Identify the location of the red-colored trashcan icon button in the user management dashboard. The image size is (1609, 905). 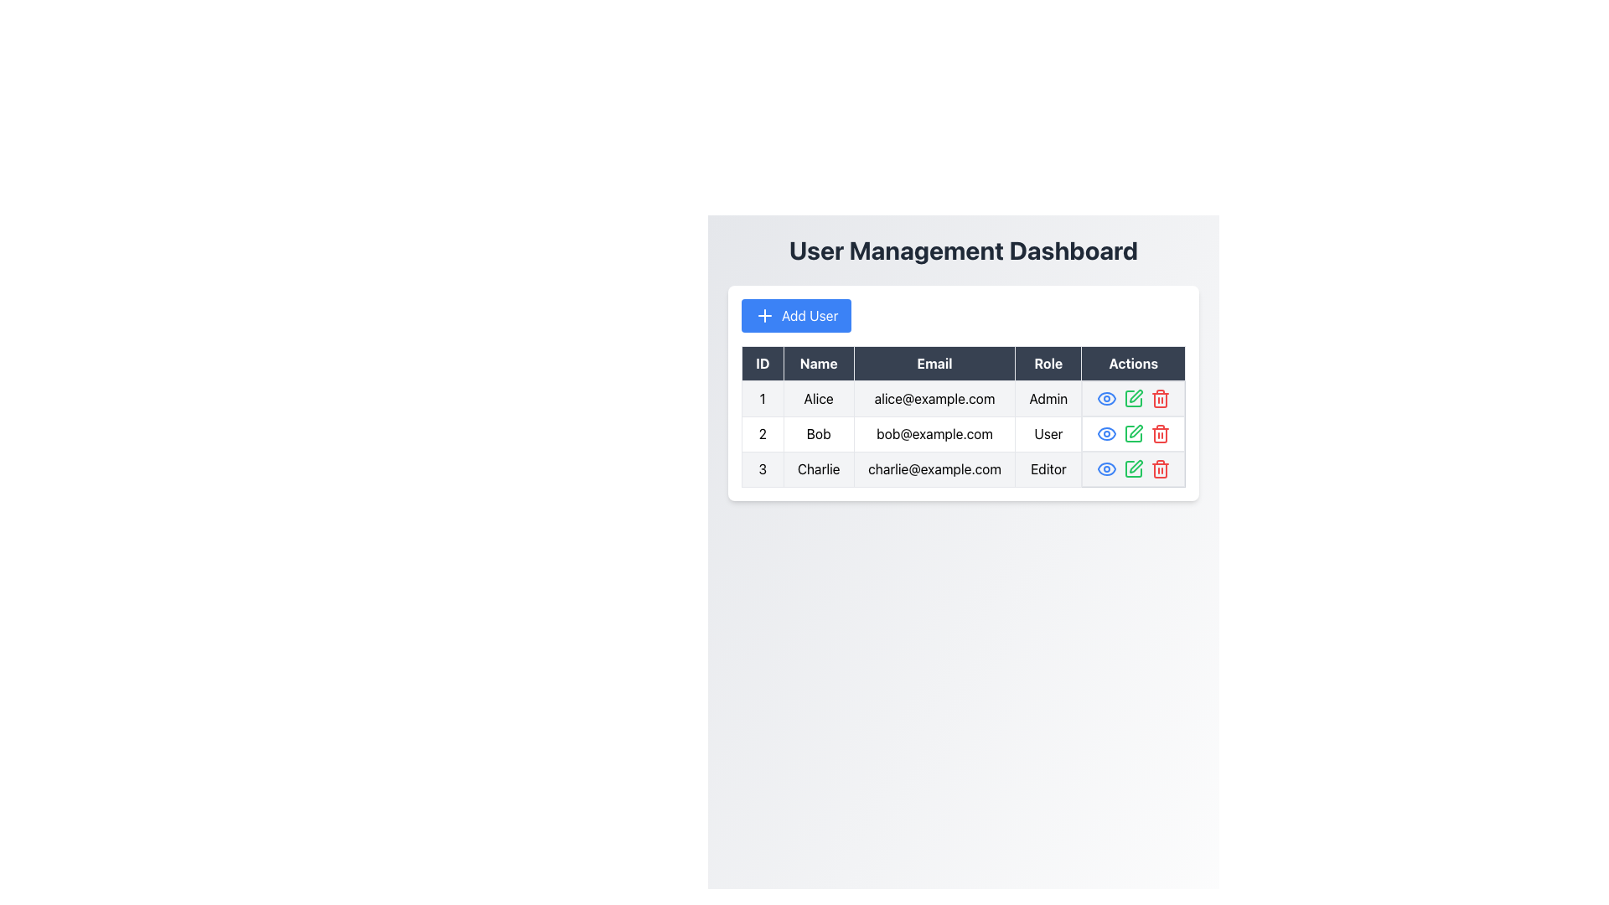
(1159, 398).